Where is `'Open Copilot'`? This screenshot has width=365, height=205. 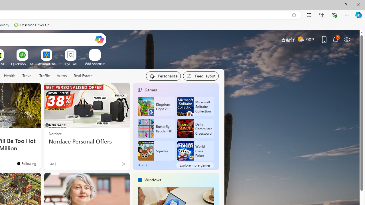 'Open Copilot' is located at coordinates (99, 39).